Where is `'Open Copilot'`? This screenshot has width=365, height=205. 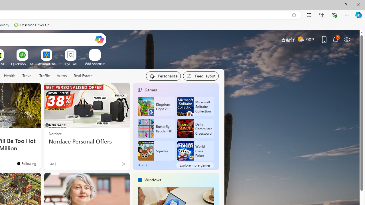 'Open Copilot' is located at coordinates (99, 39).